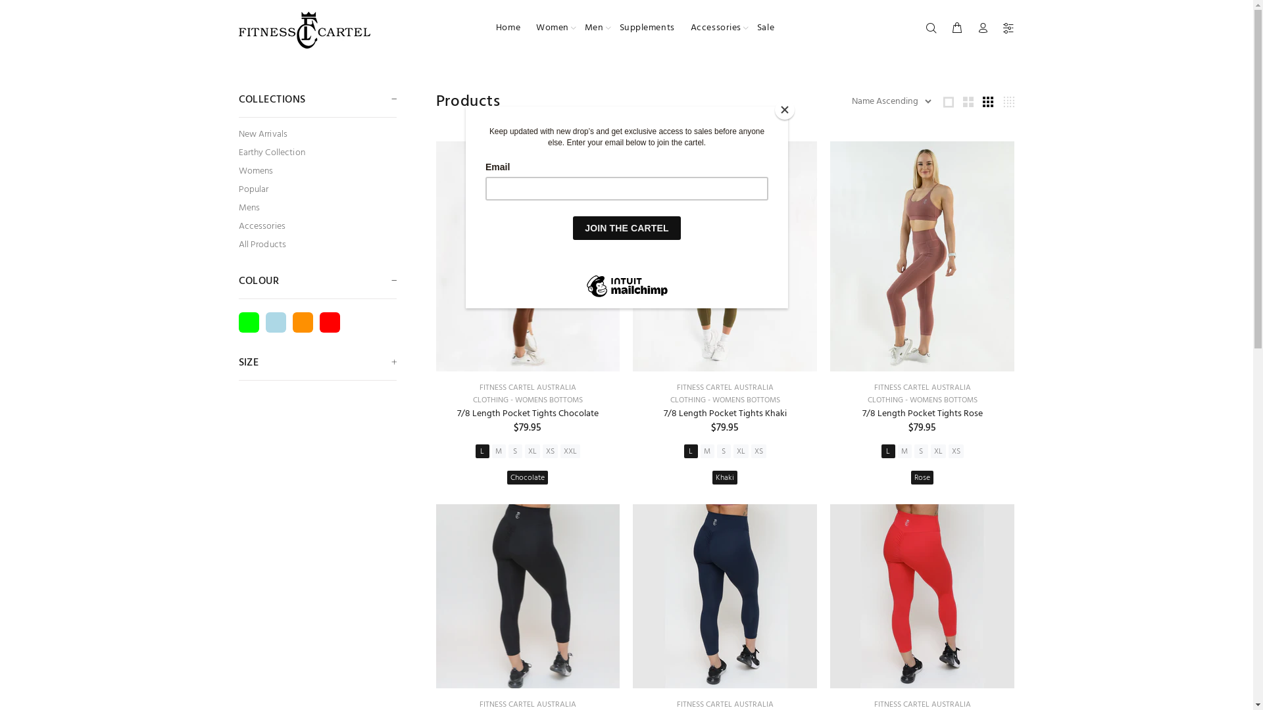  I want to click on 'XS', so click(550, 450).